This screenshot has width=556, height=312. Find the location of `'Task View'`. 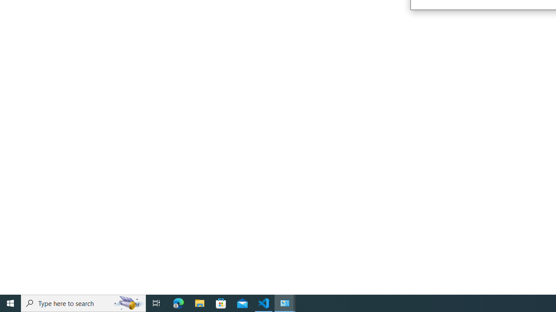

'Task View' is located at coordinates (156, 302).